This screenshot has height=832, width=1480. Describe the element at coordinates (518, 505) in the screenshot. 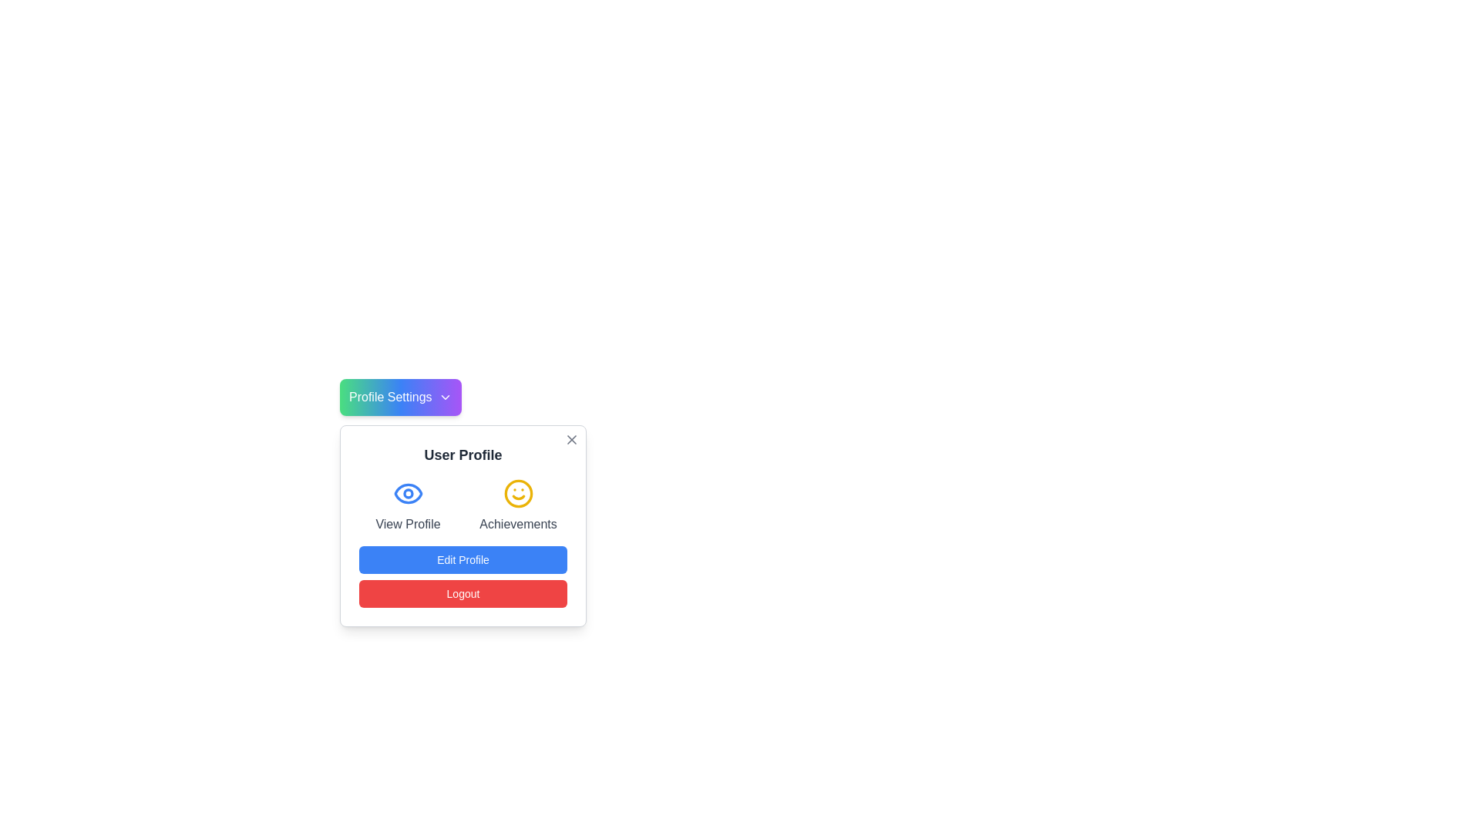

I see `the achievements button located in the user profile section, positioned to the right of the 'View Profile' button` at that location.